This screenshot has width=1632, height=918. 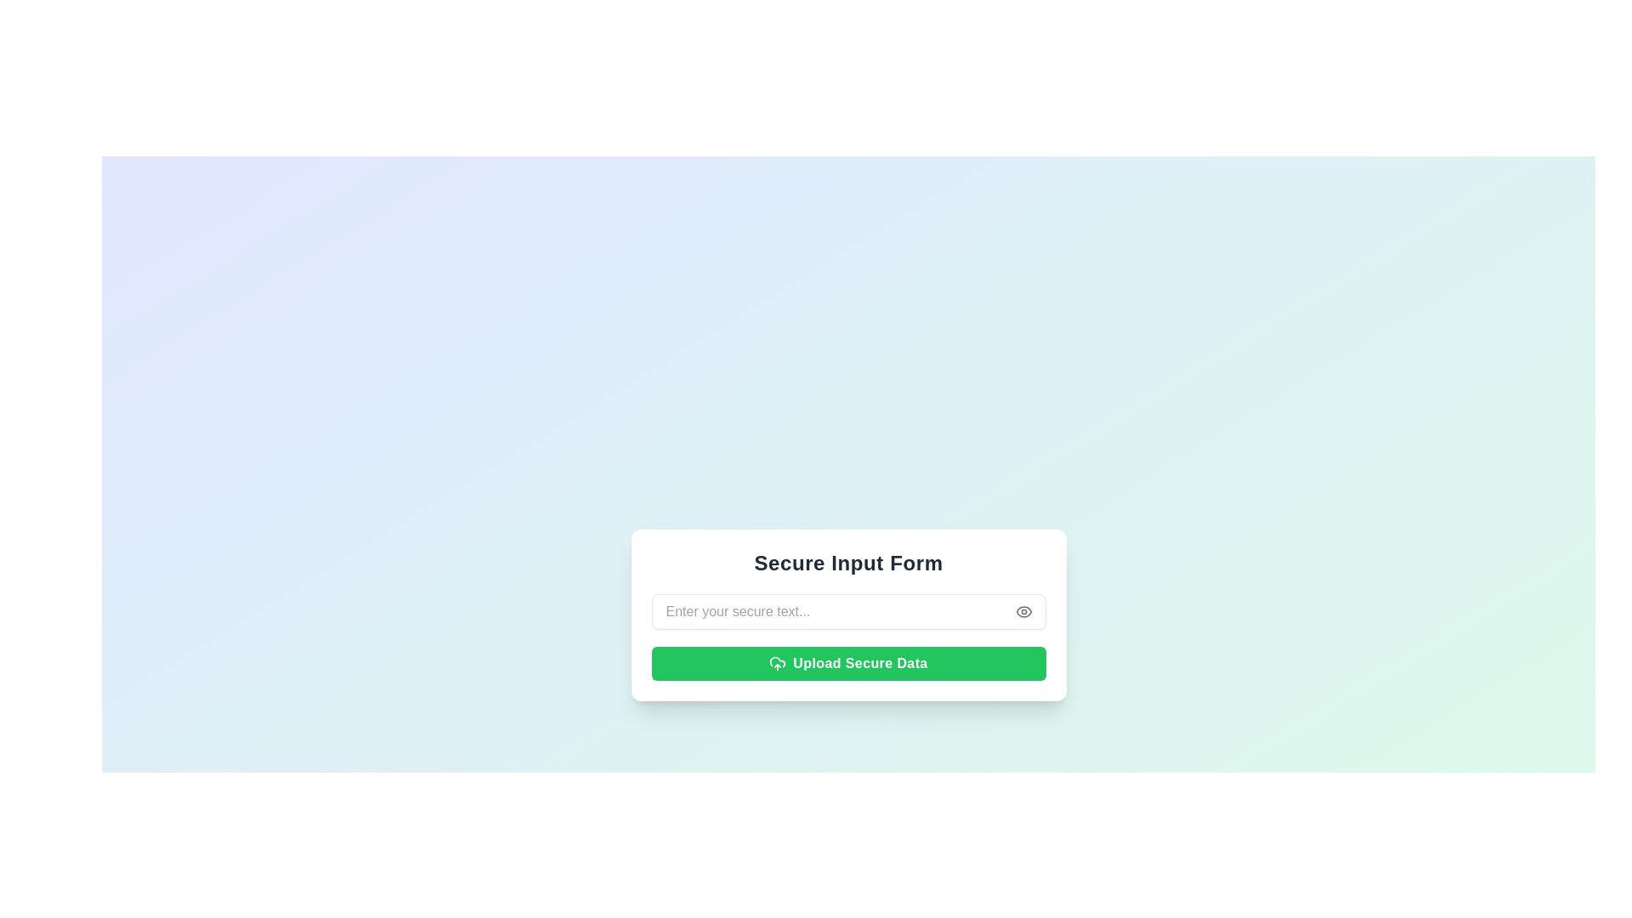 What do you see at coordinates (1023, 612) in the screenshot?
I see `the outer elliptical outline of the SVG graphic resembling an eye, located in the top-right corner of a text input box` at bounding box center [1023, 612].